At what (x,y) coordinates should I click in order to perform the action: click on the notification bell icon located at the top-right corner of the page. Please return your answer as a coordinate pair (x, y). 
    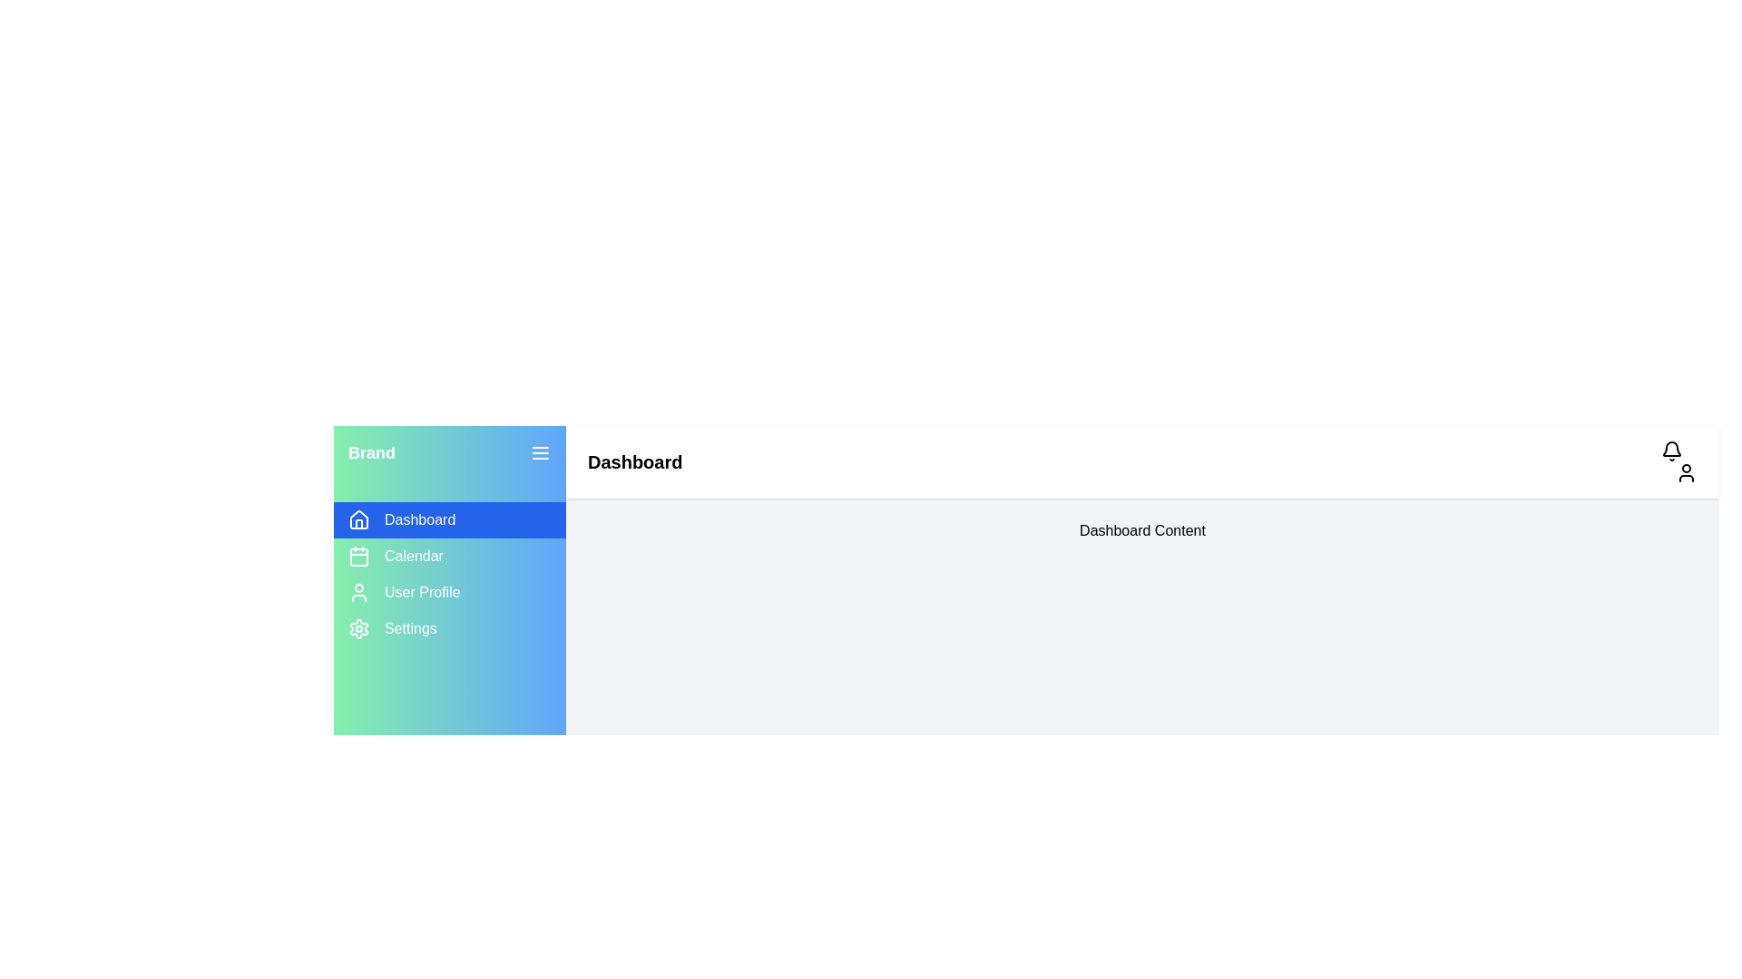
    Looking at the image, I should click on (1671, 449).